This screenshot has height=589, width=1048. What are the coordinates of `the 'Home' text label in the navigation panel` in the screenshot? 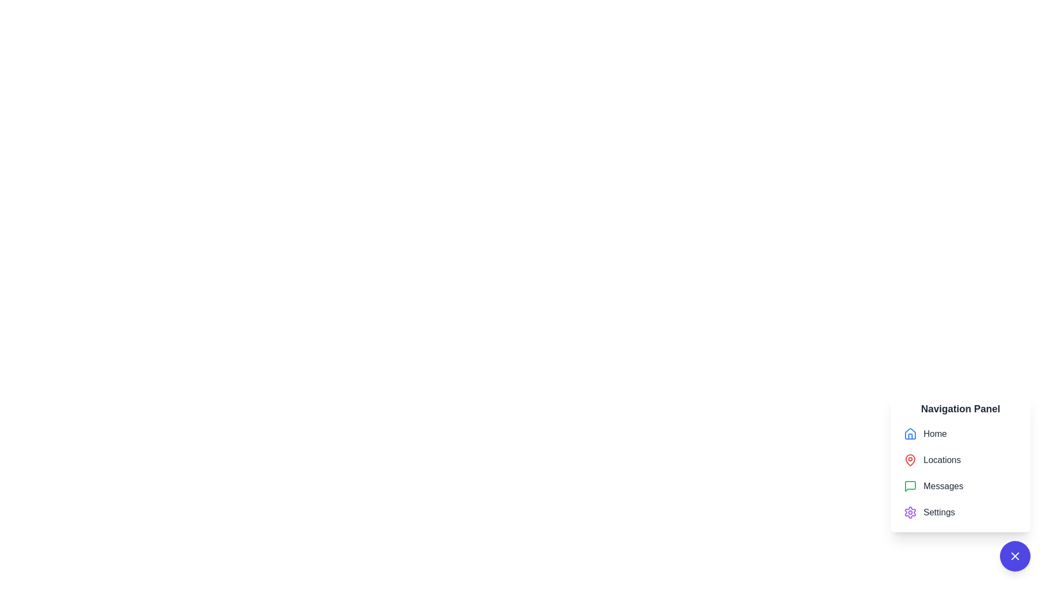 It's located at (934, 433).